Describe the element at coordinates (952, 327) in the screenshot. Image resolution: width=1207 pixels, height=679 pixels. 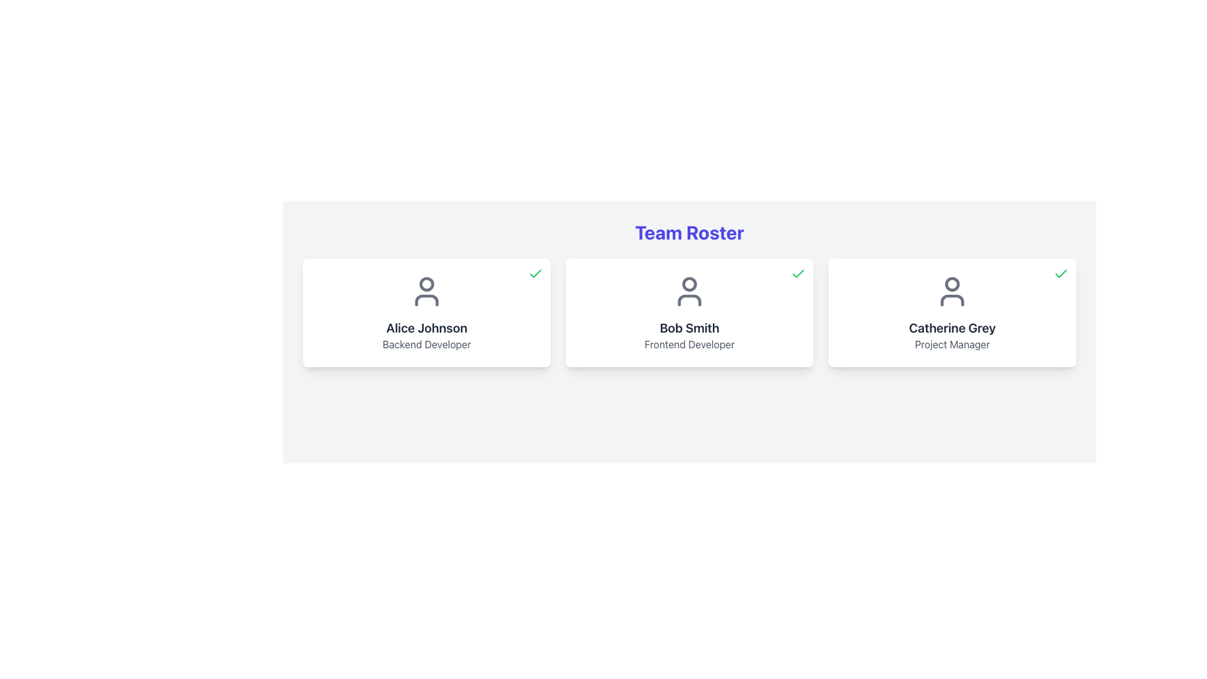
I see `the static text element displaying 'Catherine Grey' in bold, extra-large font, which is located at the top-center of the rightmost profile card in a team roster layout` at that location.